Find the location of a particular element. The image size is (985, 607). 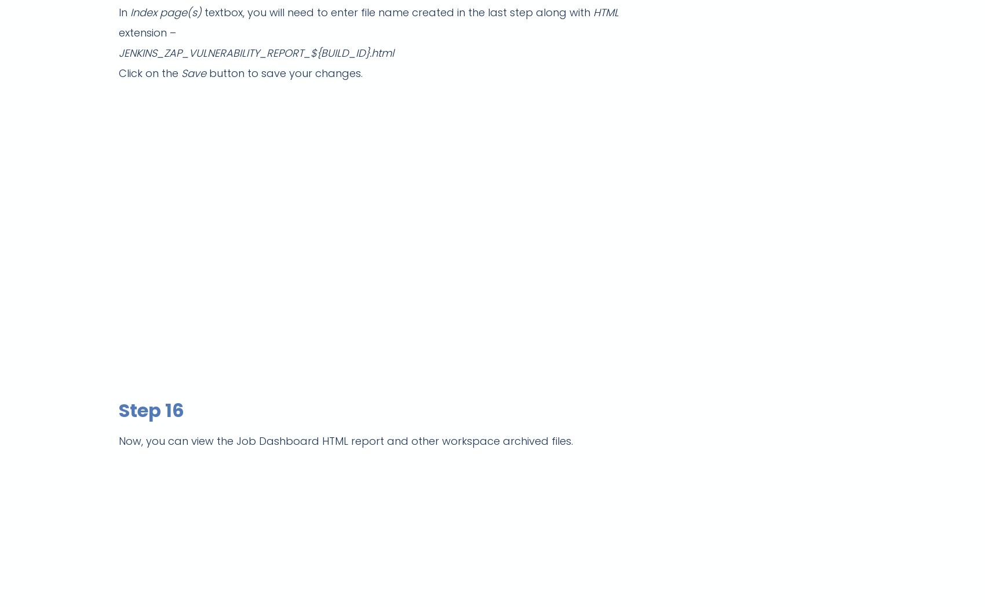

'JENKINS_ZAP_VULNERABILITY_REPORT_${BUILD_ID}.html' is located at coordinates (256, 52).